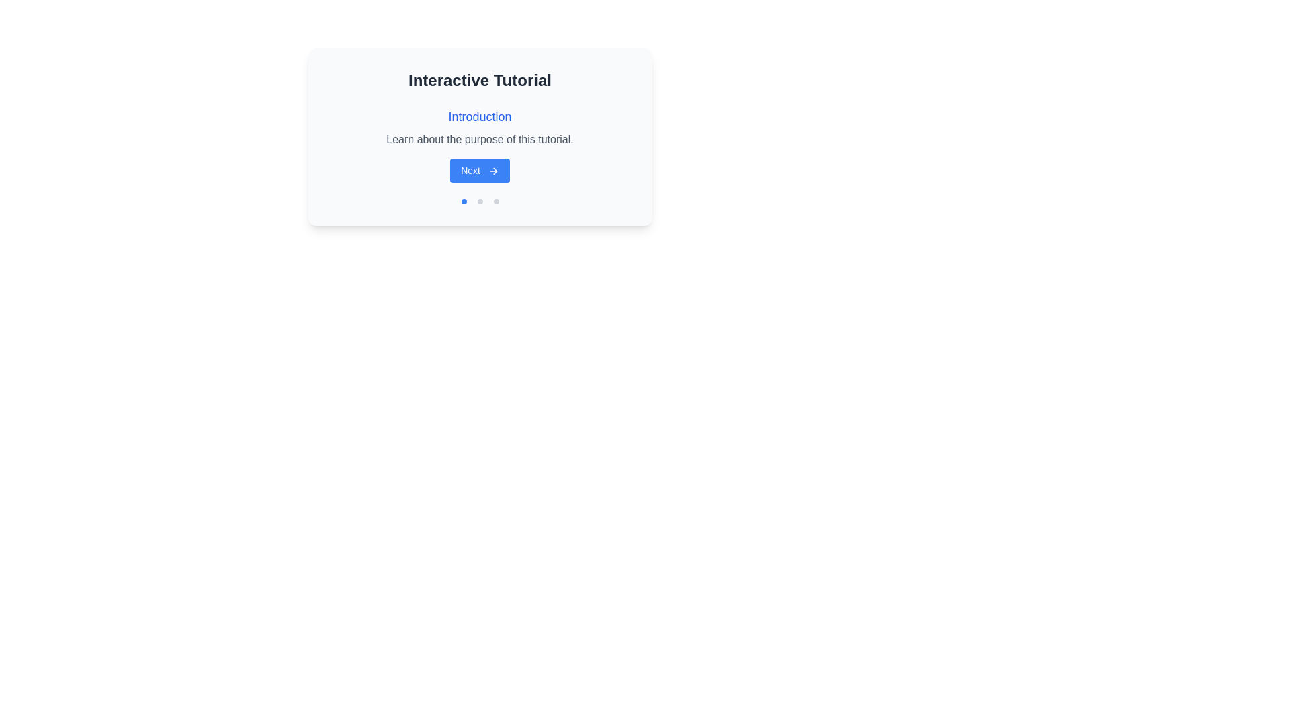 Image resolution: width=1290 pixels, height=726 pixels. What do you see at coordinates (480, 170) in the screenshot?
I see `the rectangular blue button labeled 'Next' located at the bottom center of the content area` at bounding box center [480, 170].